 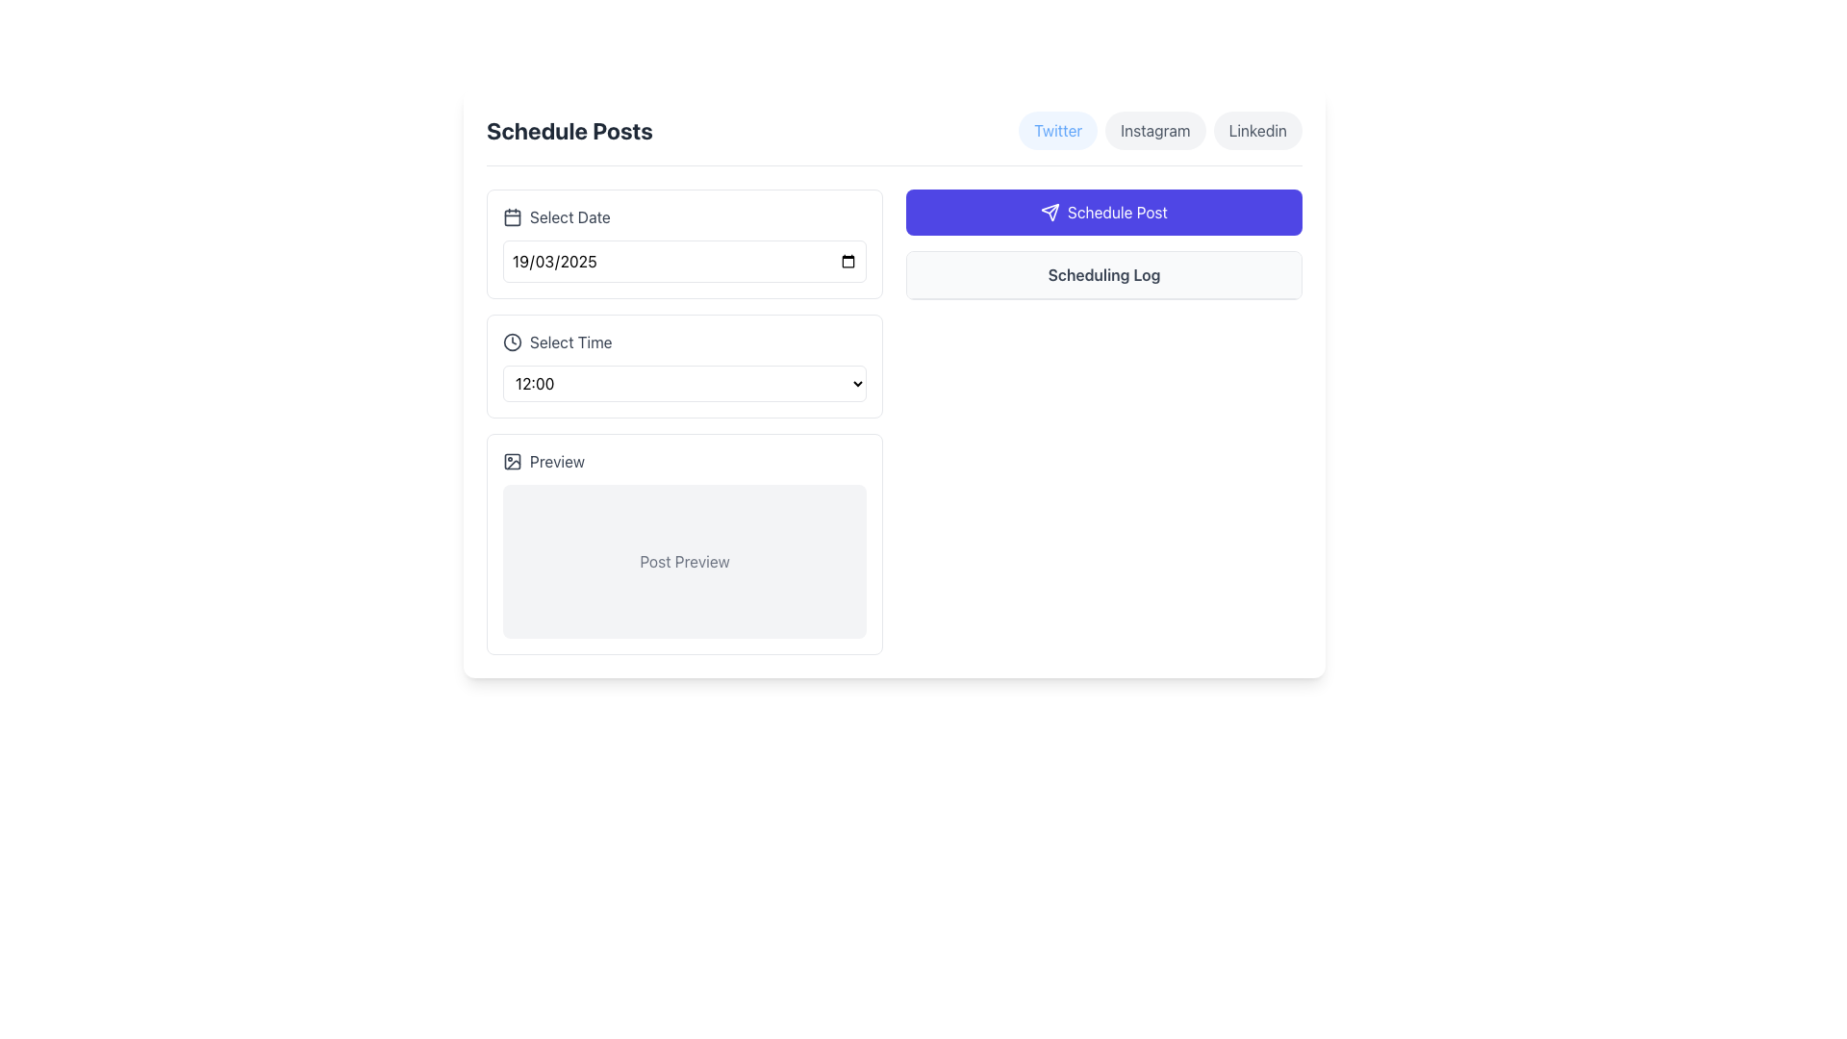 What do you see at coordinates (684, 367) in the screenshot?
I see `the Dropdown menu located in the 'Schedule Posts' section` at bounding box center [684, 367].